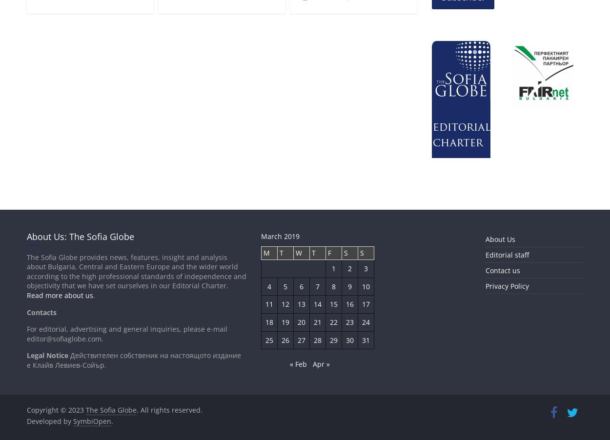 The image size is (610, 440). Describe the element at coordinates (267, 286) in the screenshot. I see `'4'` at that location.